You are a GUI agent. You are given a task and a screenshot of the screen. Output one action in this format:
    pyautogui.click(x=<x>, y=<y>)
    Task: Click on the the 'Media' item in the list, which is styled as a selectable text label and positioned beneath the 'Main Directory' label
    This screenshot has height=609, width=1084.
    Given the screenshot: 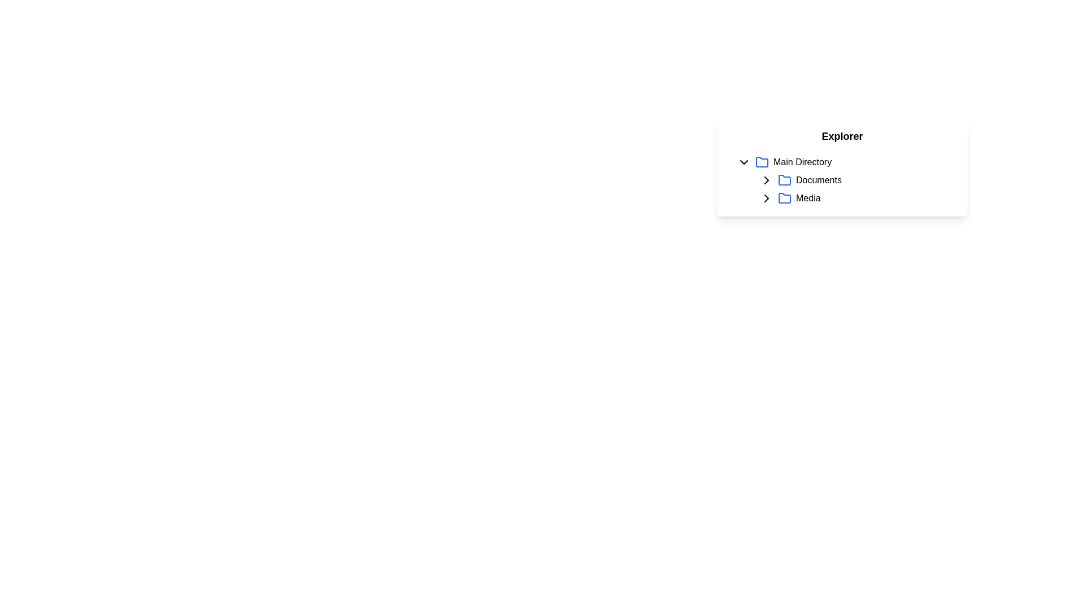 What is the action you would take?
    pyautogui.click(x=854, y=188)
    